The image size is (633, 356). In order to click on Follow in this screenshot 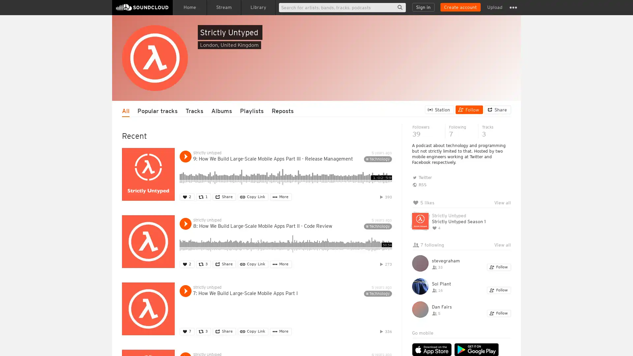, I will do `click(499, 313)`.